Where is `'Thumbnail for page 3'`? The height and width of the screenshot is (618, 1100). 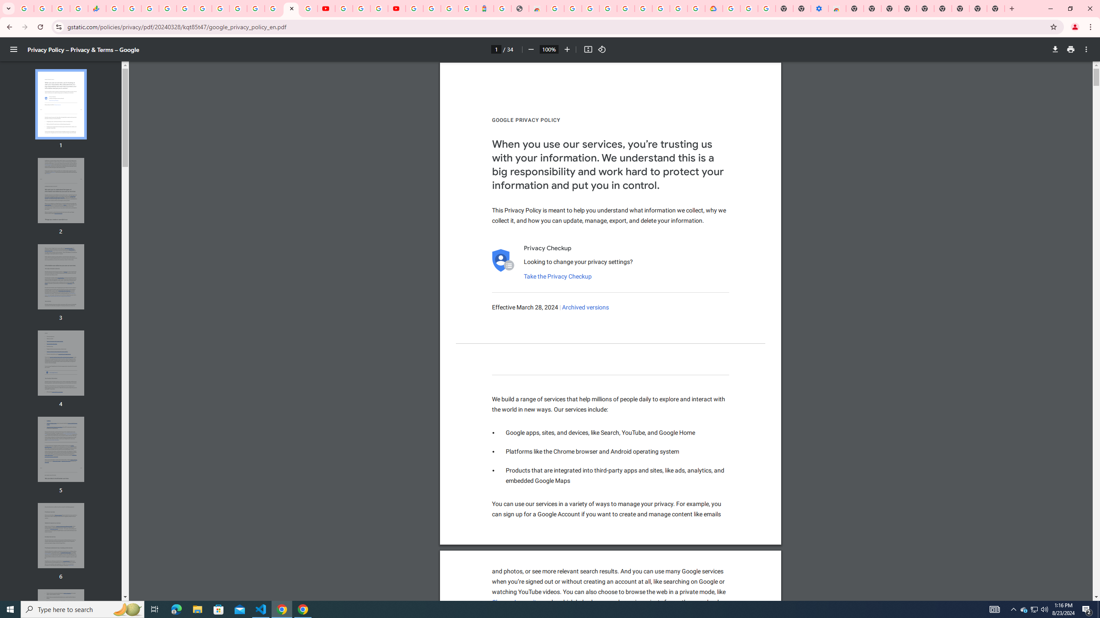 'Thumbnail for page 3' is located at coordinates (61, 276).